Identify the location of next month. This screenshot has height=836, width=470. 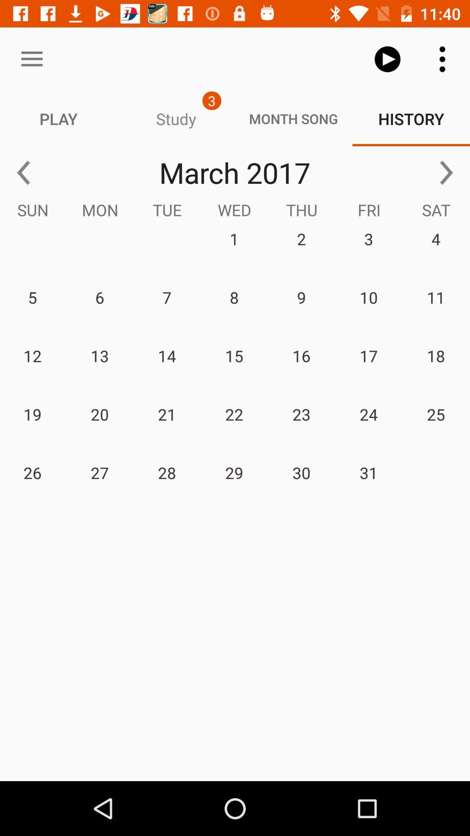
(446, 172).